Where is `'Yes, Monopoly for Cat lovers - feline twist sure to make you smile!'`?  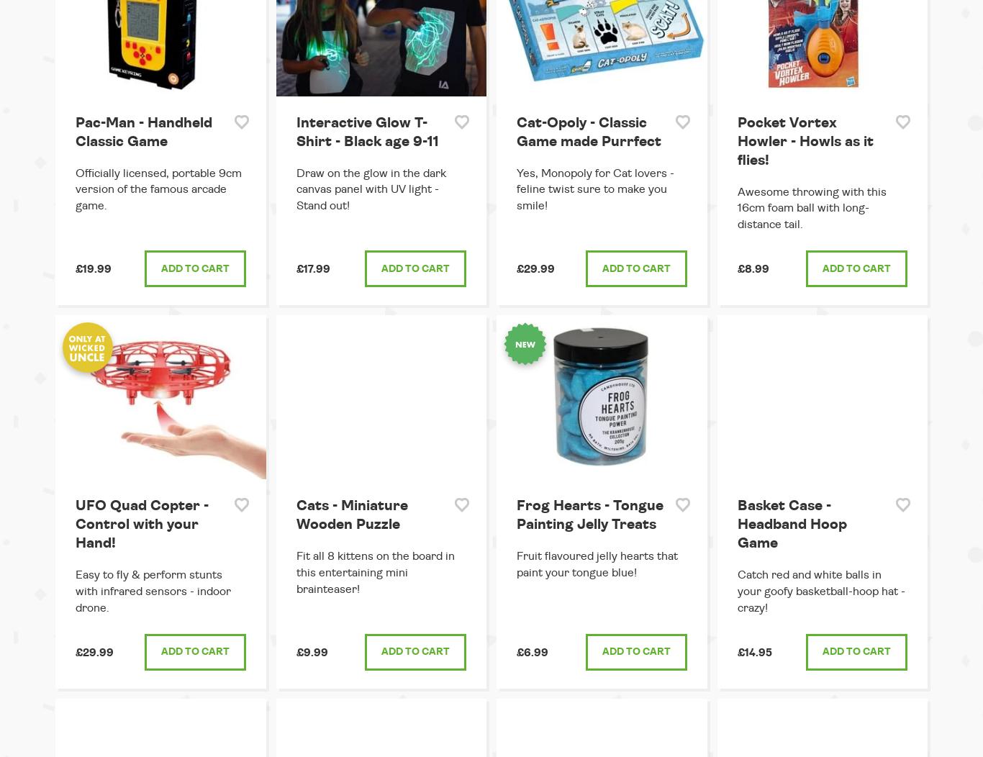
'Yes, Monopoly for Cat lovers - feline twist sure to make you smile!' is located at coordinates (594, 189).